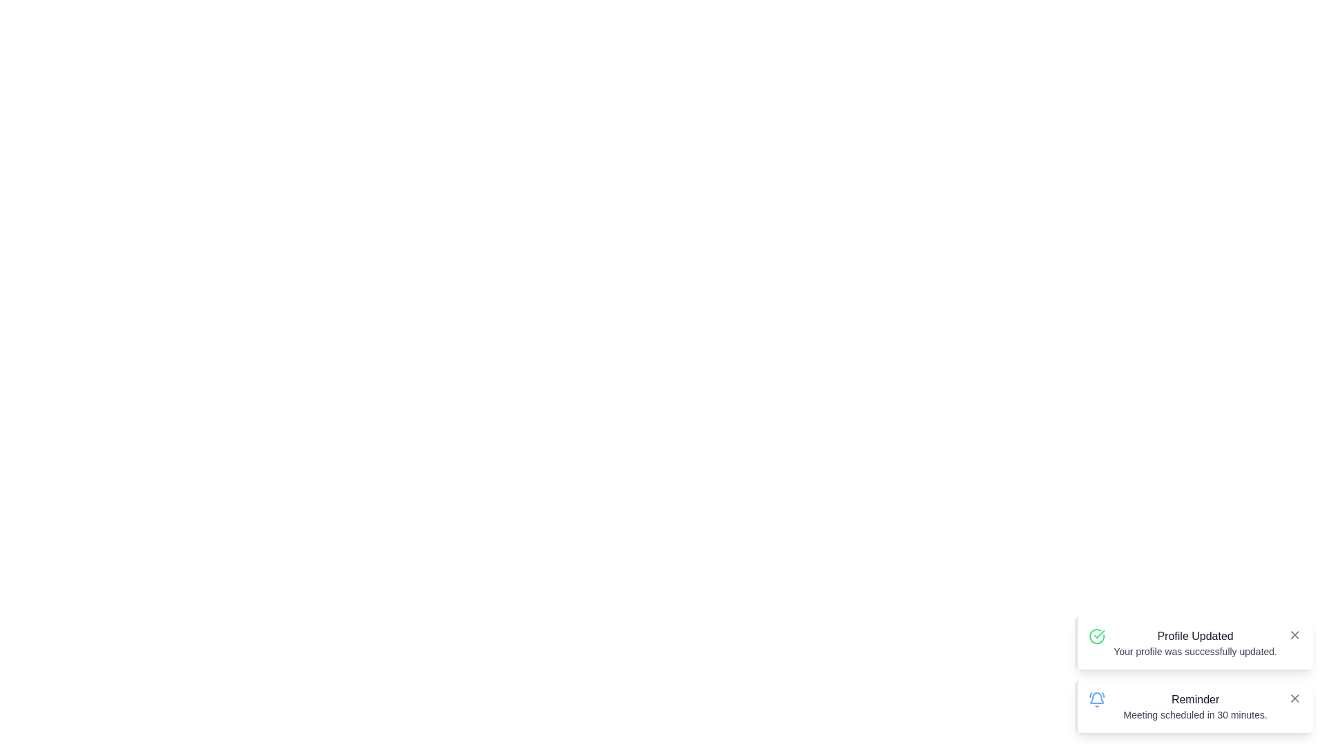 Image resolution: width=1324 pixels, height=744 pixels. What do you see at coordinates (1194, 637) in the screenshot?
I see `the heading text 'Profile Updated' which is styled with medium font weight and dark gray color, located in the bottom-right confirmation notification card` at bounding box center [1194, 637].